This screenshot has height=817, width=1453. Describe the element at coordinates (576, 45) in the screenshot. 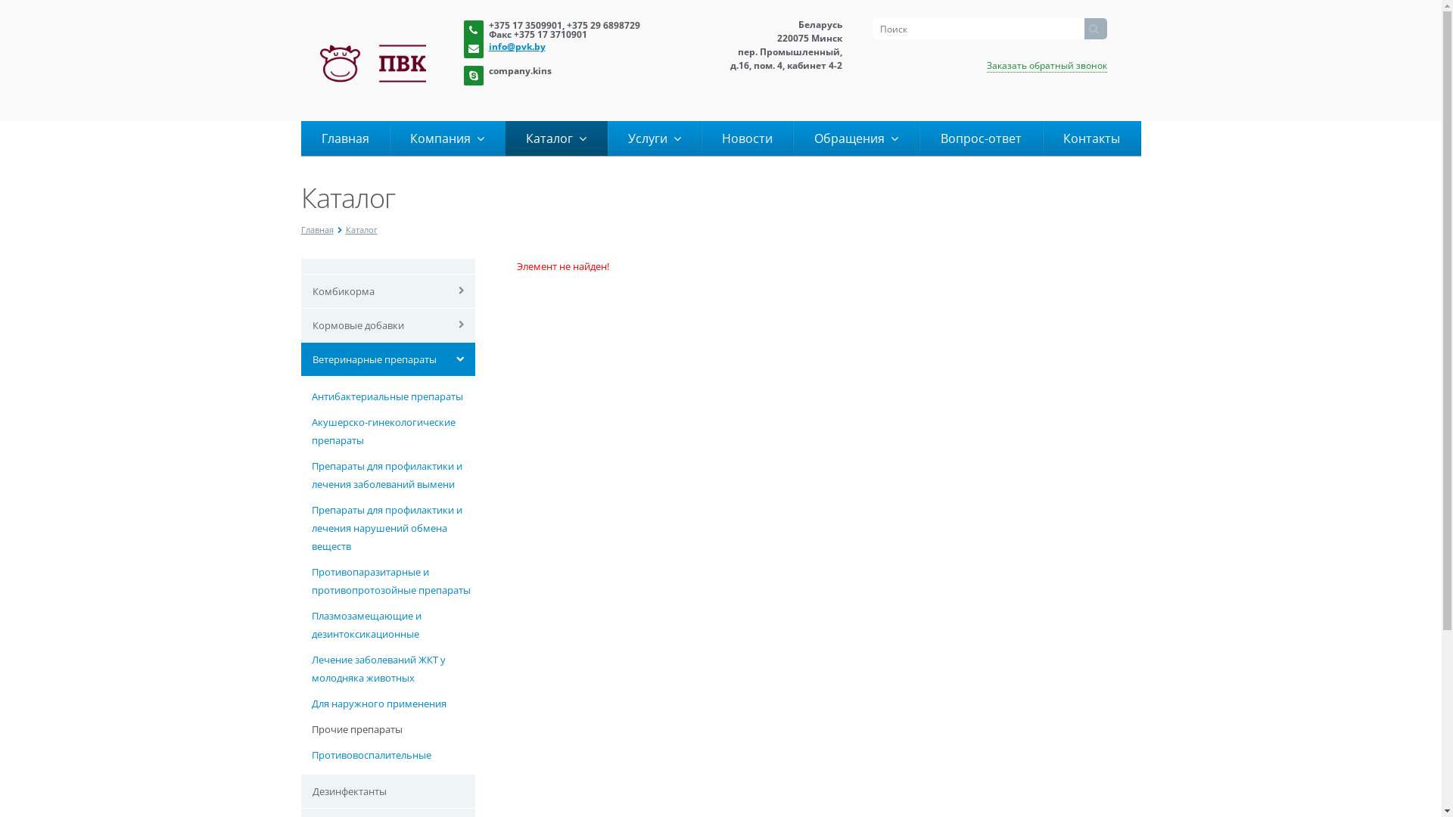

I see `'info@pvk.by'` at that location.